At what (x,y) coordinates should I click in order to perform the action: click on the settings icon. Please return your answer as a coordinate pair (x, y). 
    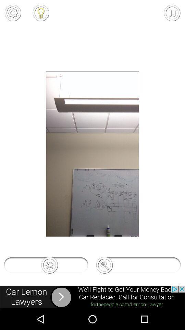
    Looking at the image, I should click on (13, 12).